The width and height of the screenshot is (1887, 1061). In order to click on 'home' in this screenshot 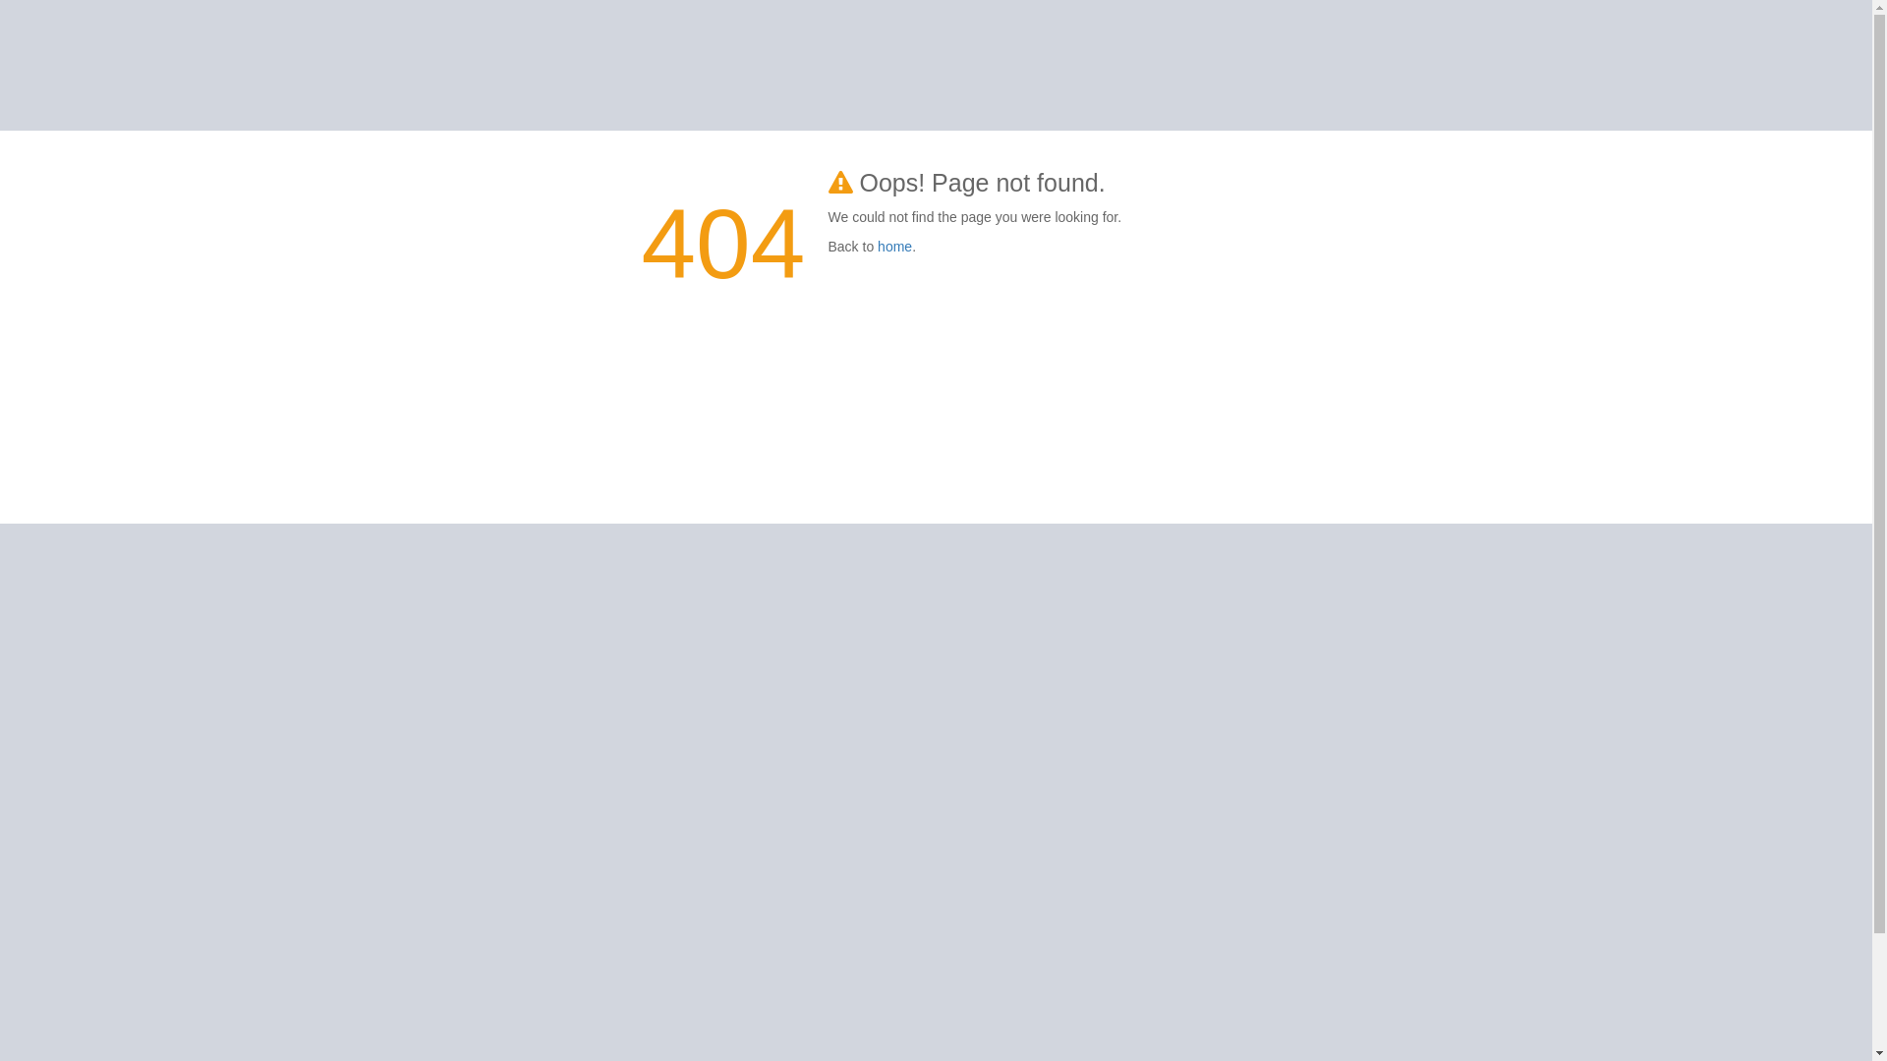, I will do `click(876, 245)`.